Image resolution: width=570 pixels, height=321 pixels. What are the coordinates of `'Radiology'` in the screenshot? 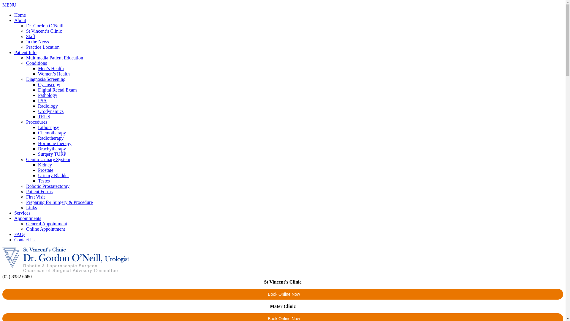 It's located at (48, 106).